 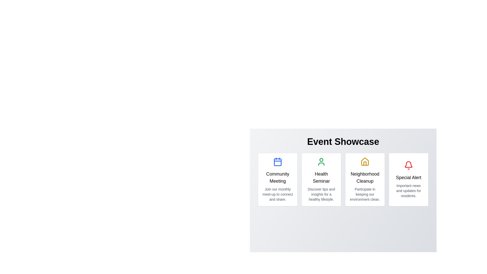 What do you see at coordinates (277, 162) in the screenshot?
I see `the rounded rectangular component located within the calendar icon, which is distinct as the solid-filled shape among its siblings` at bounding box center [277, 162].